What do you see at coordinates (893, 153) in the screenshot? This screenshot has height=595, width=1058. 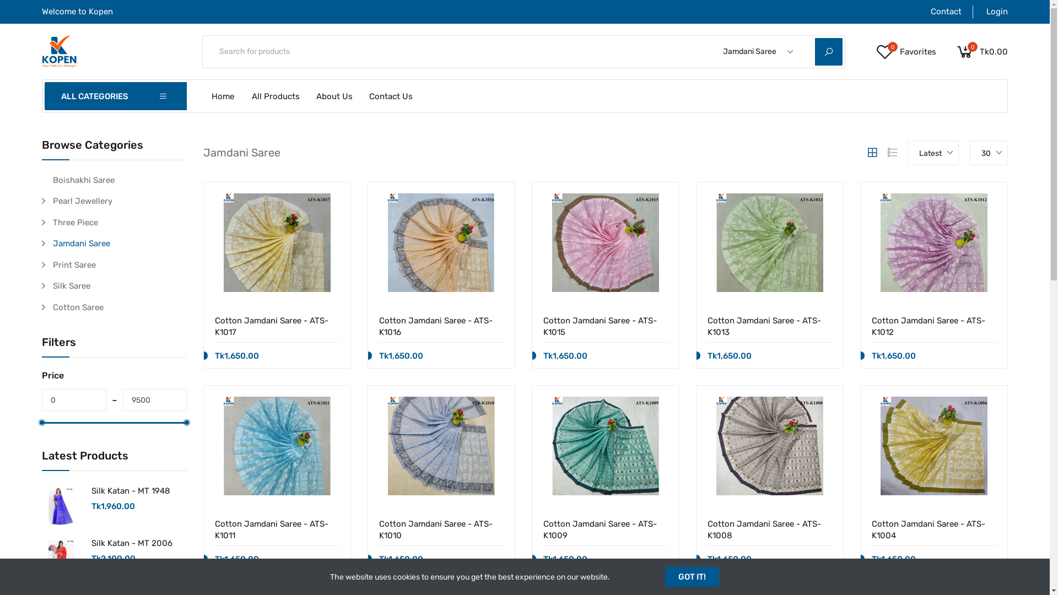 I see `'List View'` at bounding box center [893, 153].